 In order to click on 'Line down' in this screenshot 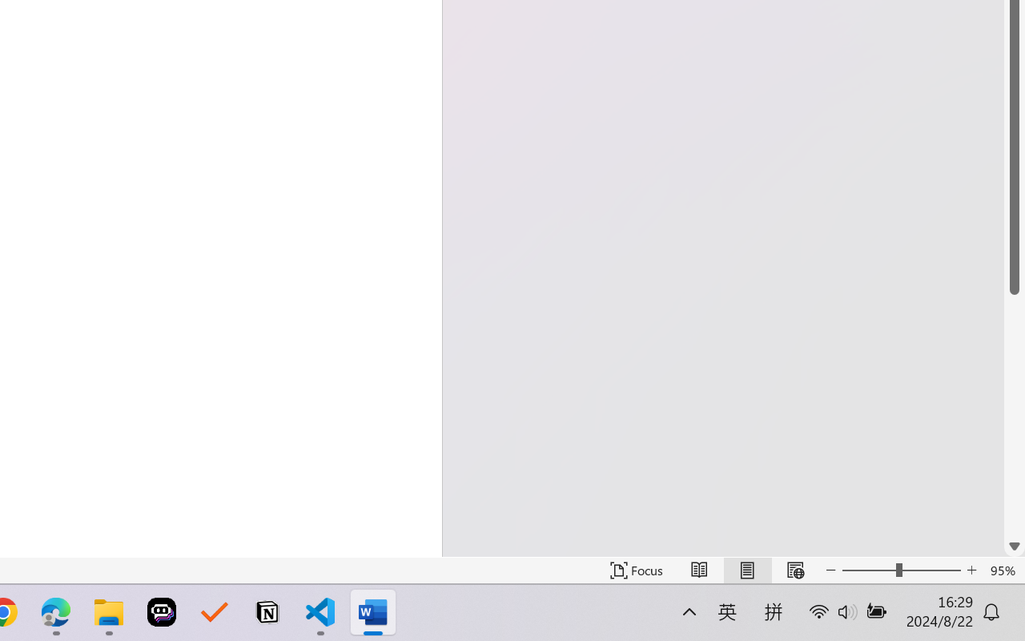, I will do `click(1014, 546)`.